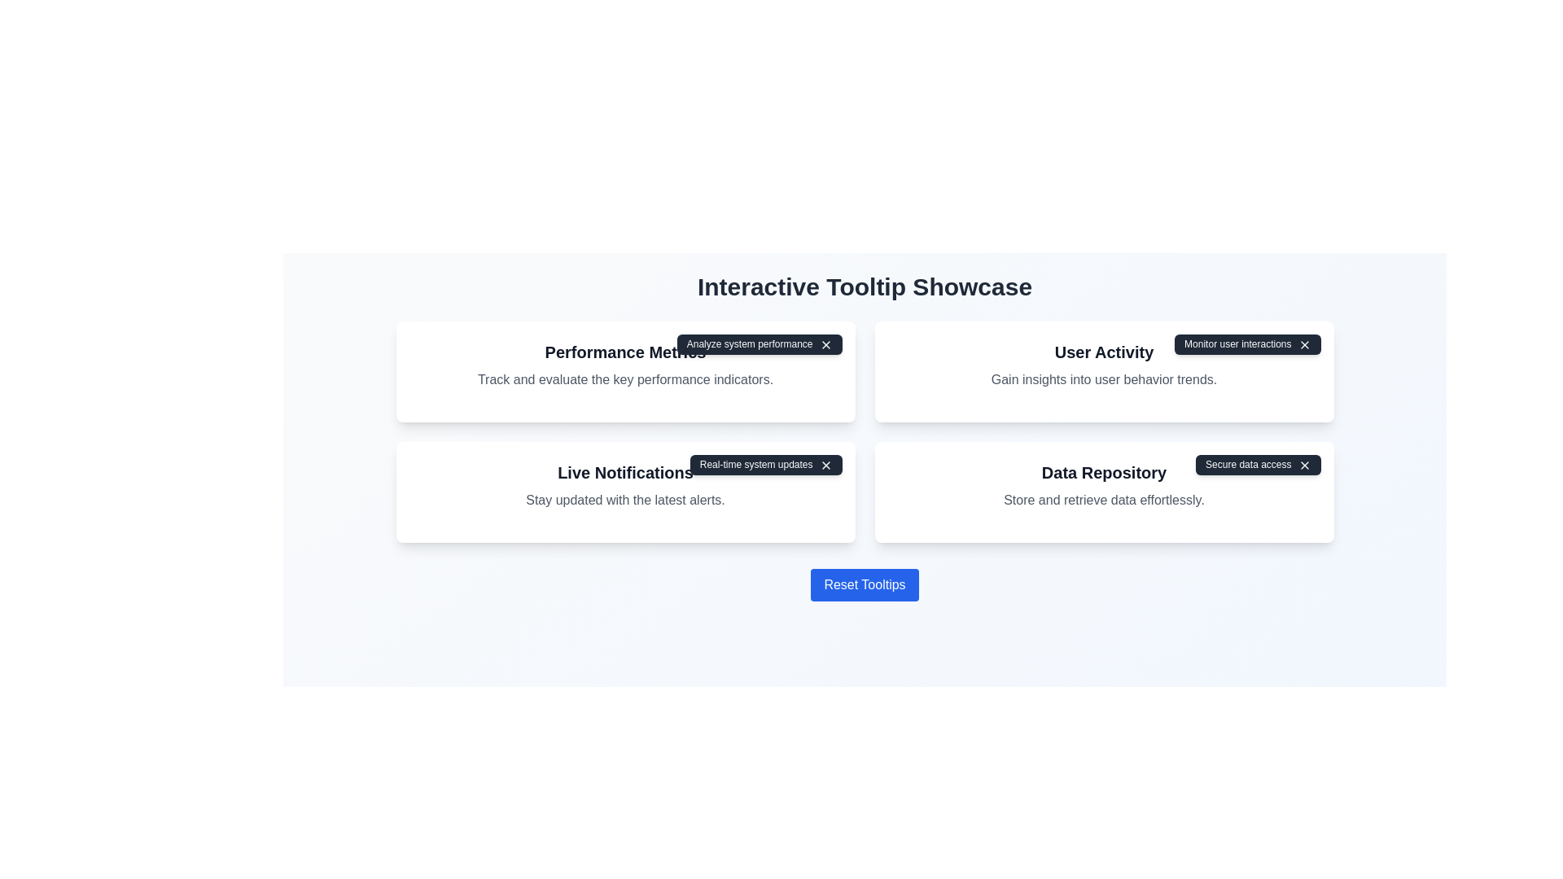 This screenshot has width=1563, height=879. What do you see at coordinates (1304, 343) in the screenshot?
I see `the Close button (X icon) located in the top-right part of the badge labeled 'Monitor user interactions'` at bounding box center [1304, 343].